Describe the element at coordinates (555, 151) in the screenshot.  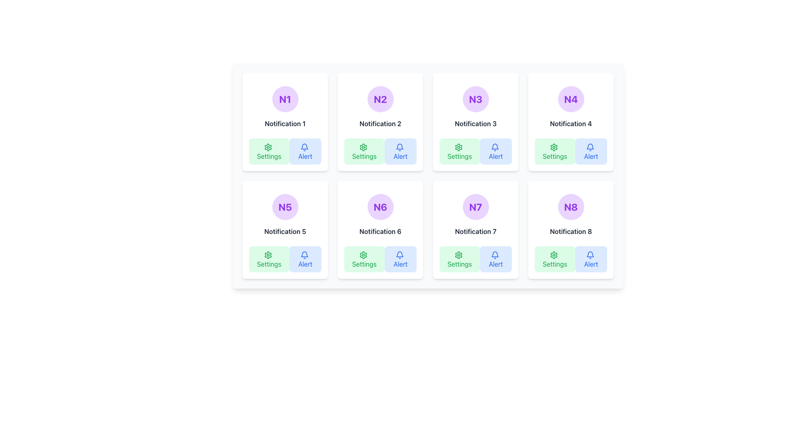
I see `the 'Settings' button with green background and cogwheel icon located in the fourth notification card titled 'Notification 4'` at that location.